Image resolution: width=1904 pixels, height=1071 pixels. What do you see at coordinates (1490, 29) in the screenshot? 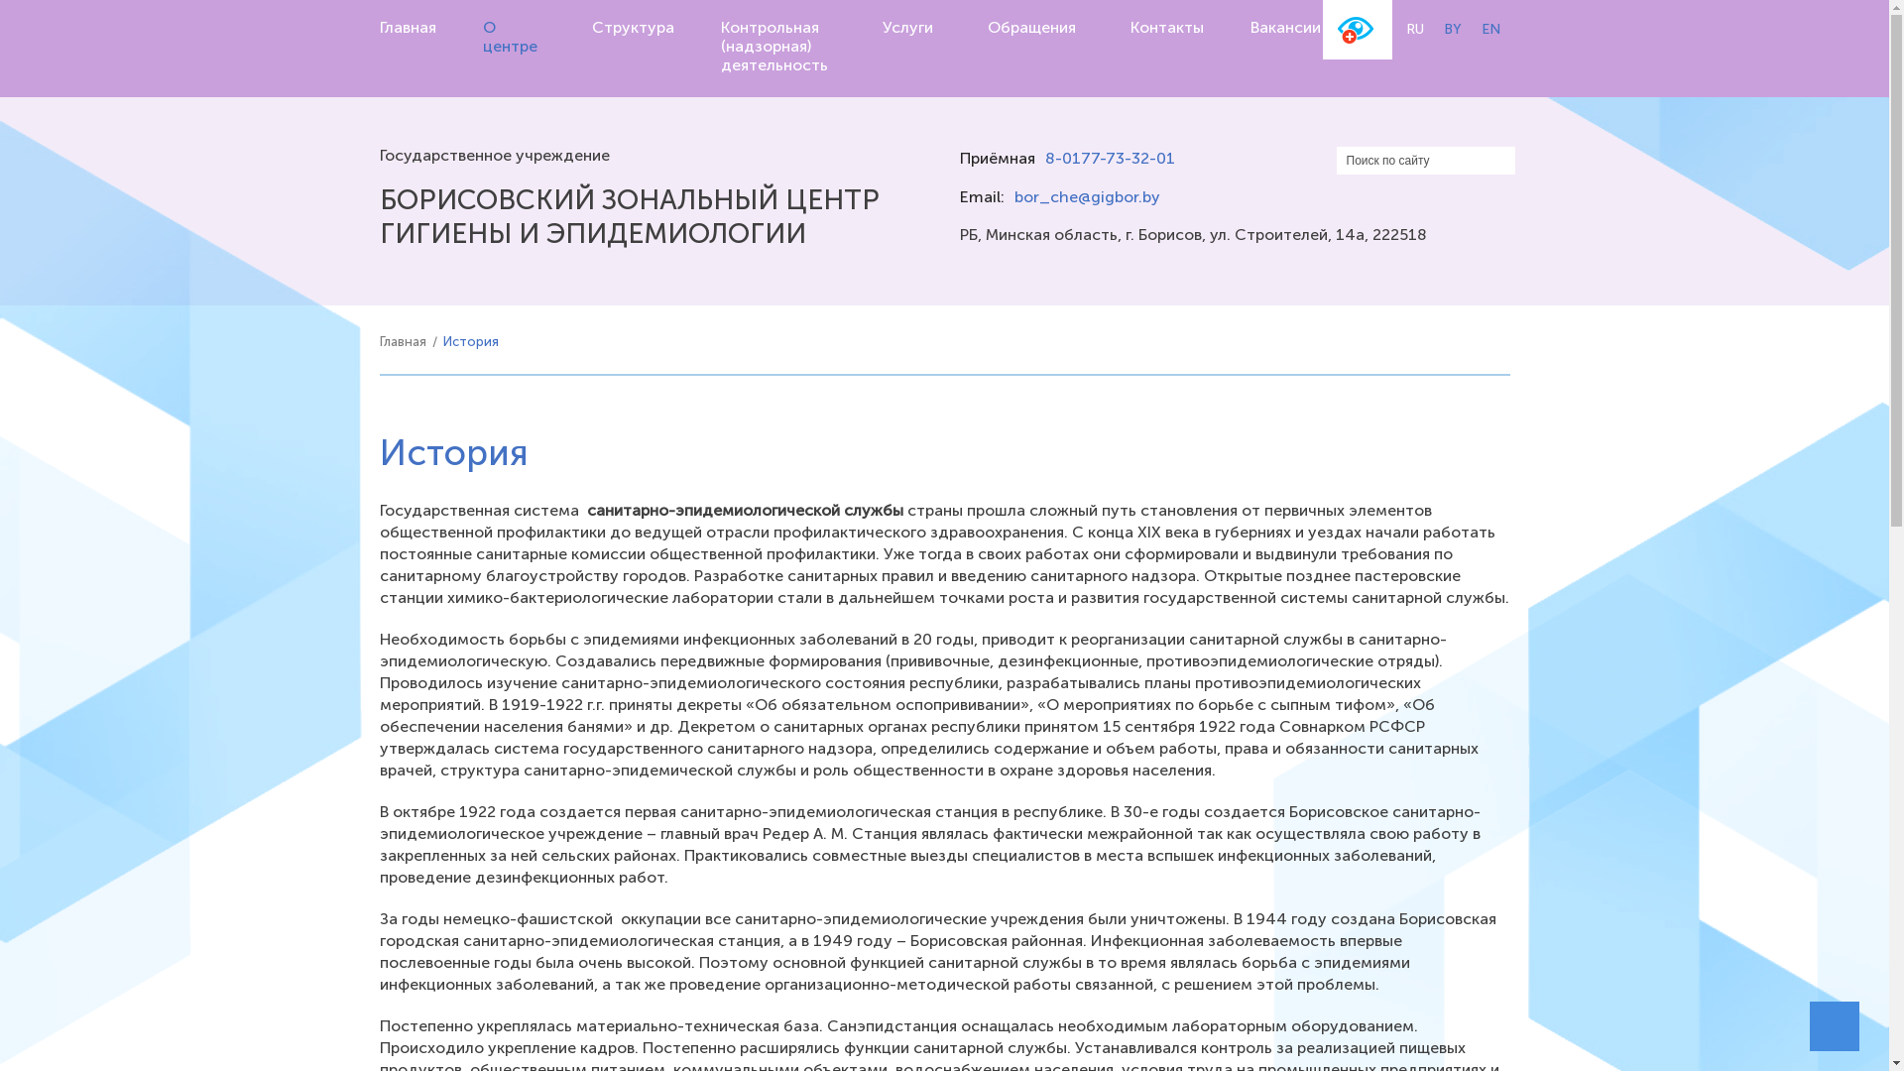
I see `'EN'` at bounding box center [1490, 29].